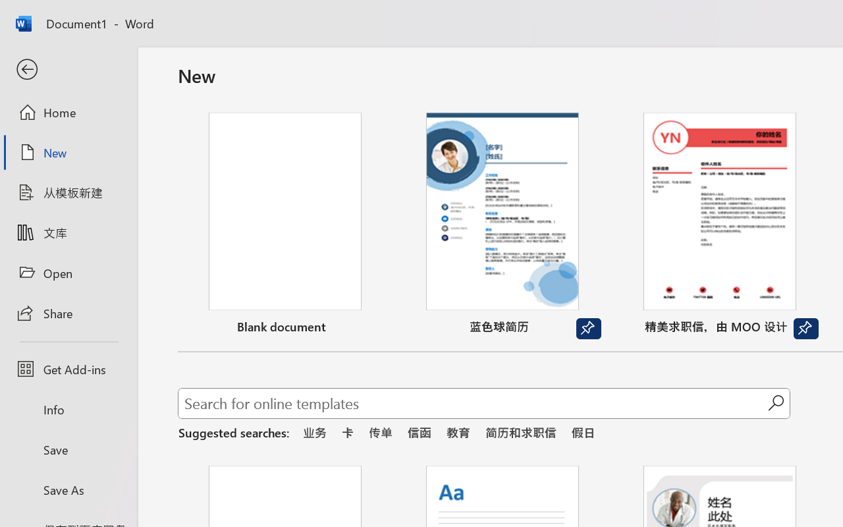 Image resolution: width=843 pixels, height=527 pixels. What do you see at coordinates (776, 403) in the screenshot?
I see `'Start searching'` at bounding box center [776, 403].